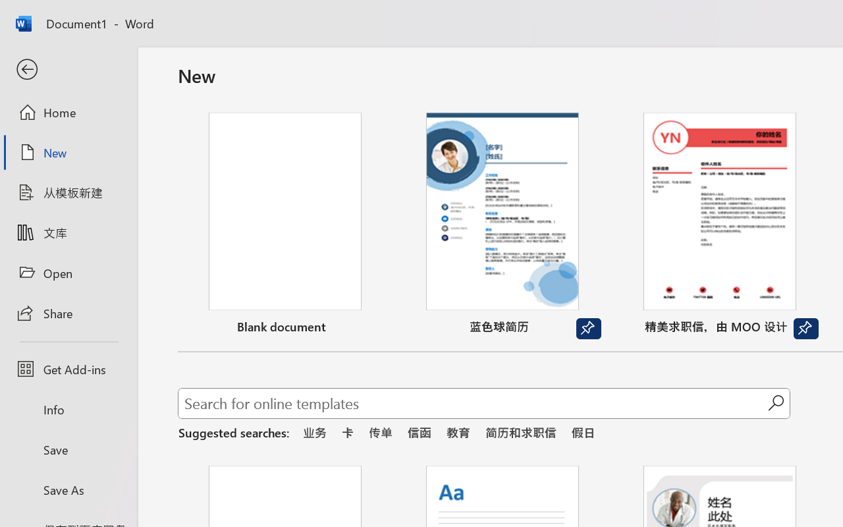 Image resolution: width=843 pixels, height=527 pixels. What do you see at coordinates (776, 403) in the screenshot?
I see `'Start searching'` at bounding box center [776, 403].